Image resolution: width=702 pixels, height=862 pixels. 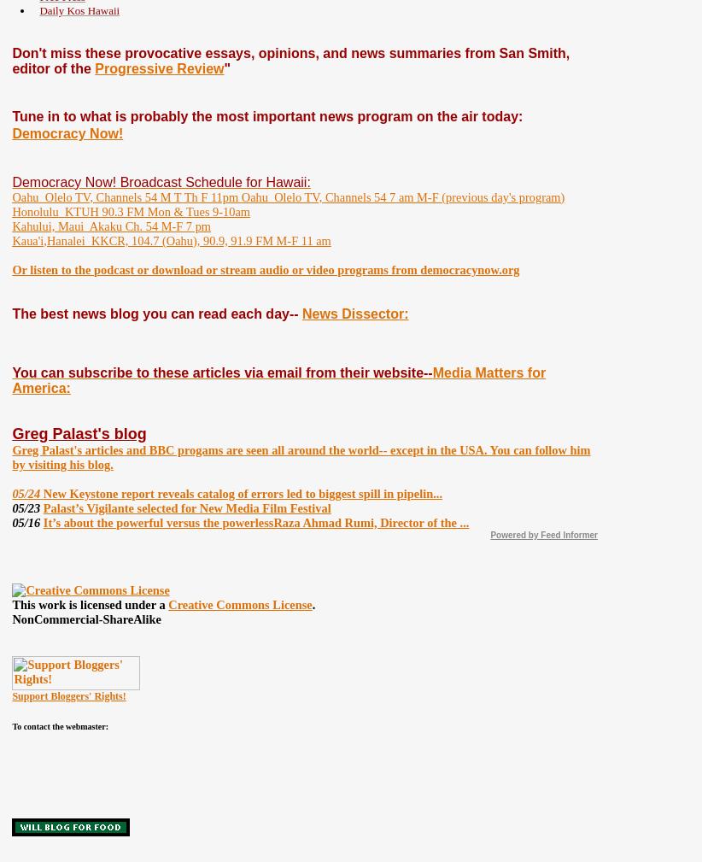 What do you see at coordinates (160, 180) in the screenshot?
I see `'Democracy Now! Broadcast Schedule for Hawaii:'` at bounding box center [160, 180].